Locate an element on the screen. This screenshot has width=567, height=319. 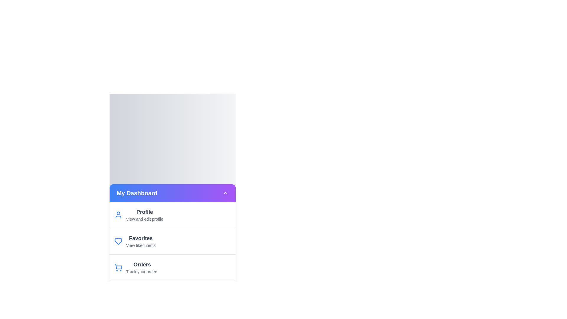
the menu item labeled Orders is located at coordinates (172, 267).